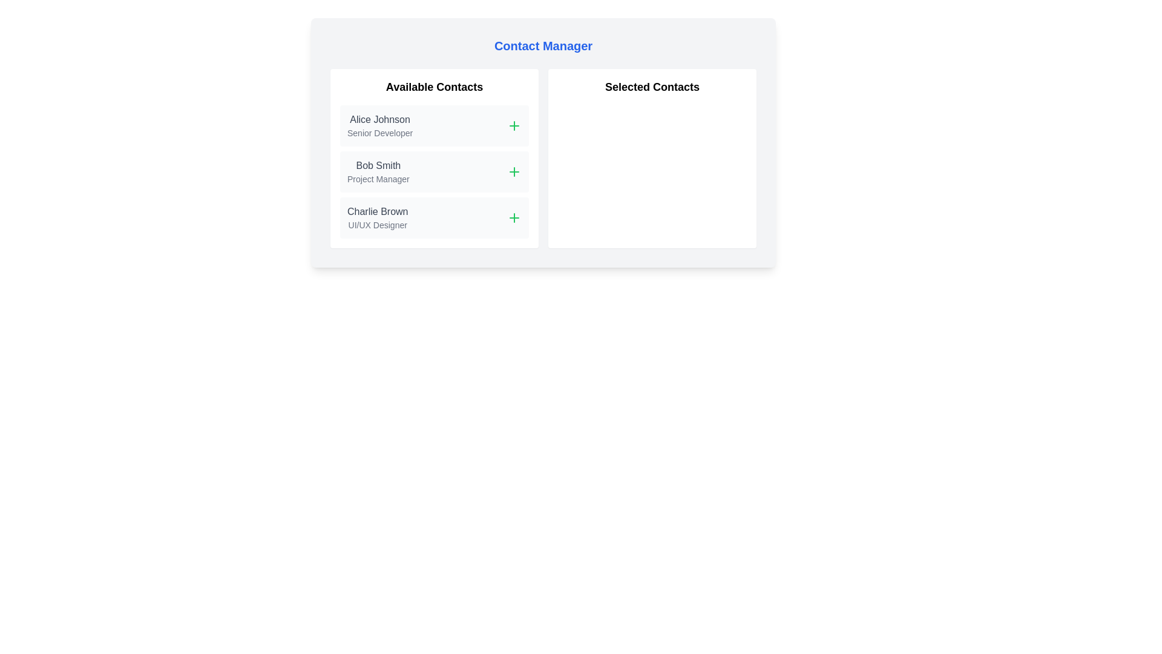 This screenshot has height=654, width=1162. I want to click on the contact selection item for 'Bob Smith, Project Manager' in the 'Available Contacts' section, so click(435, 172).